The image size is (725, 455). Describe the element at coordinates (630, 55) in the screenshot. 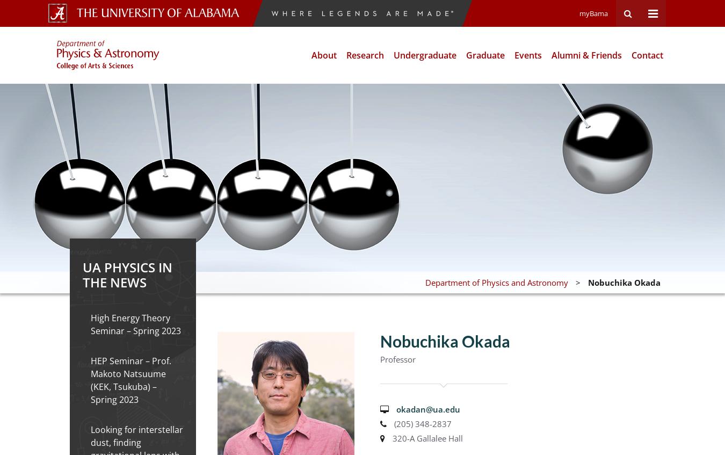

I see `'Contact'` at that location.